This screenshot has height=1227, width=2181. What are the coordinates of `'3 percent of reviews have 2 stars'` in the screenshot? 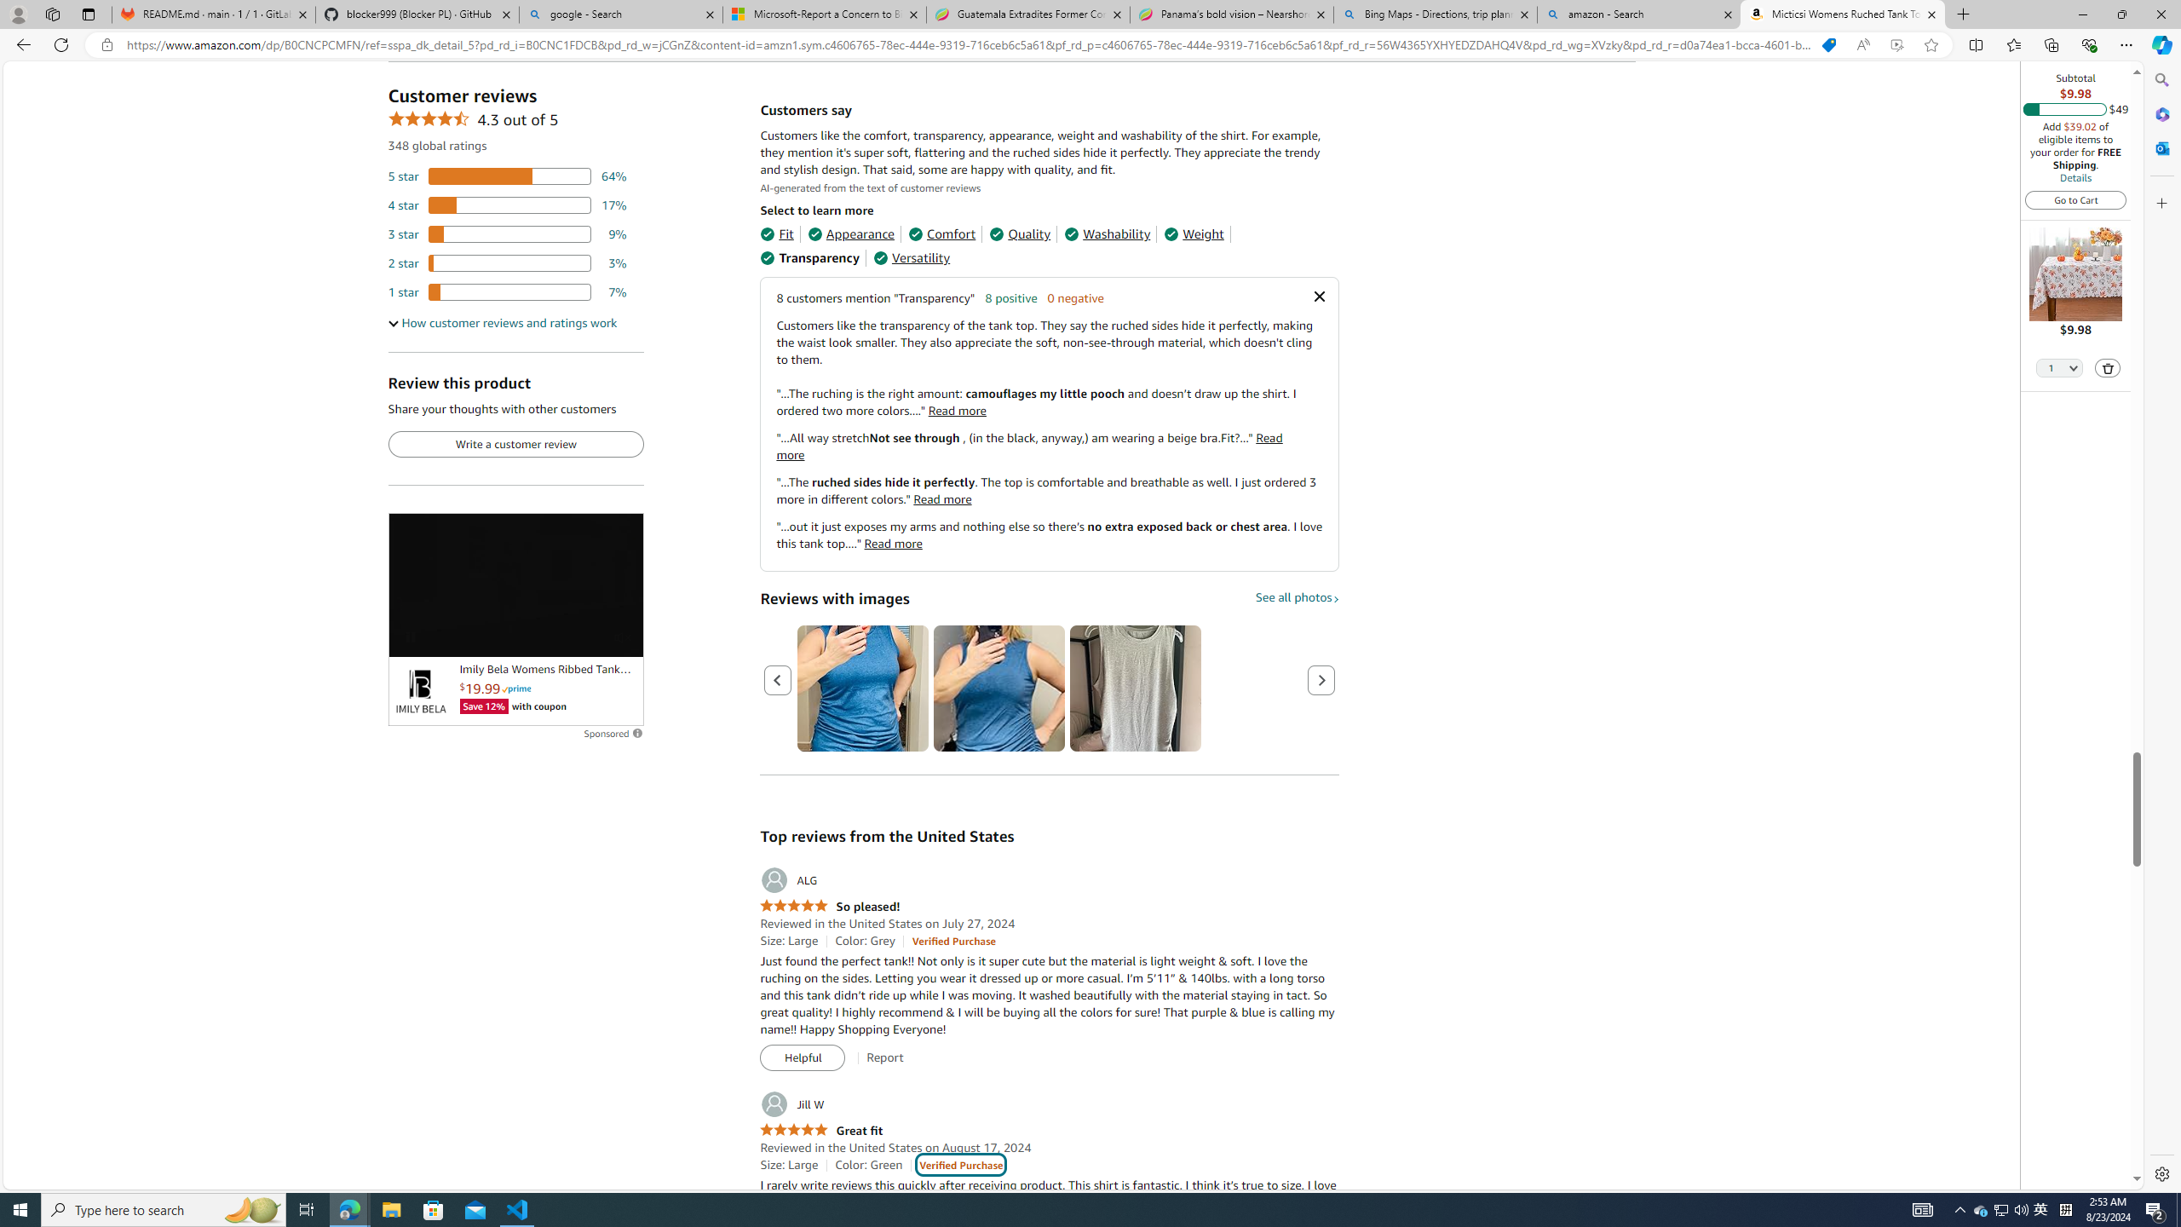 It's located at (507, 263).